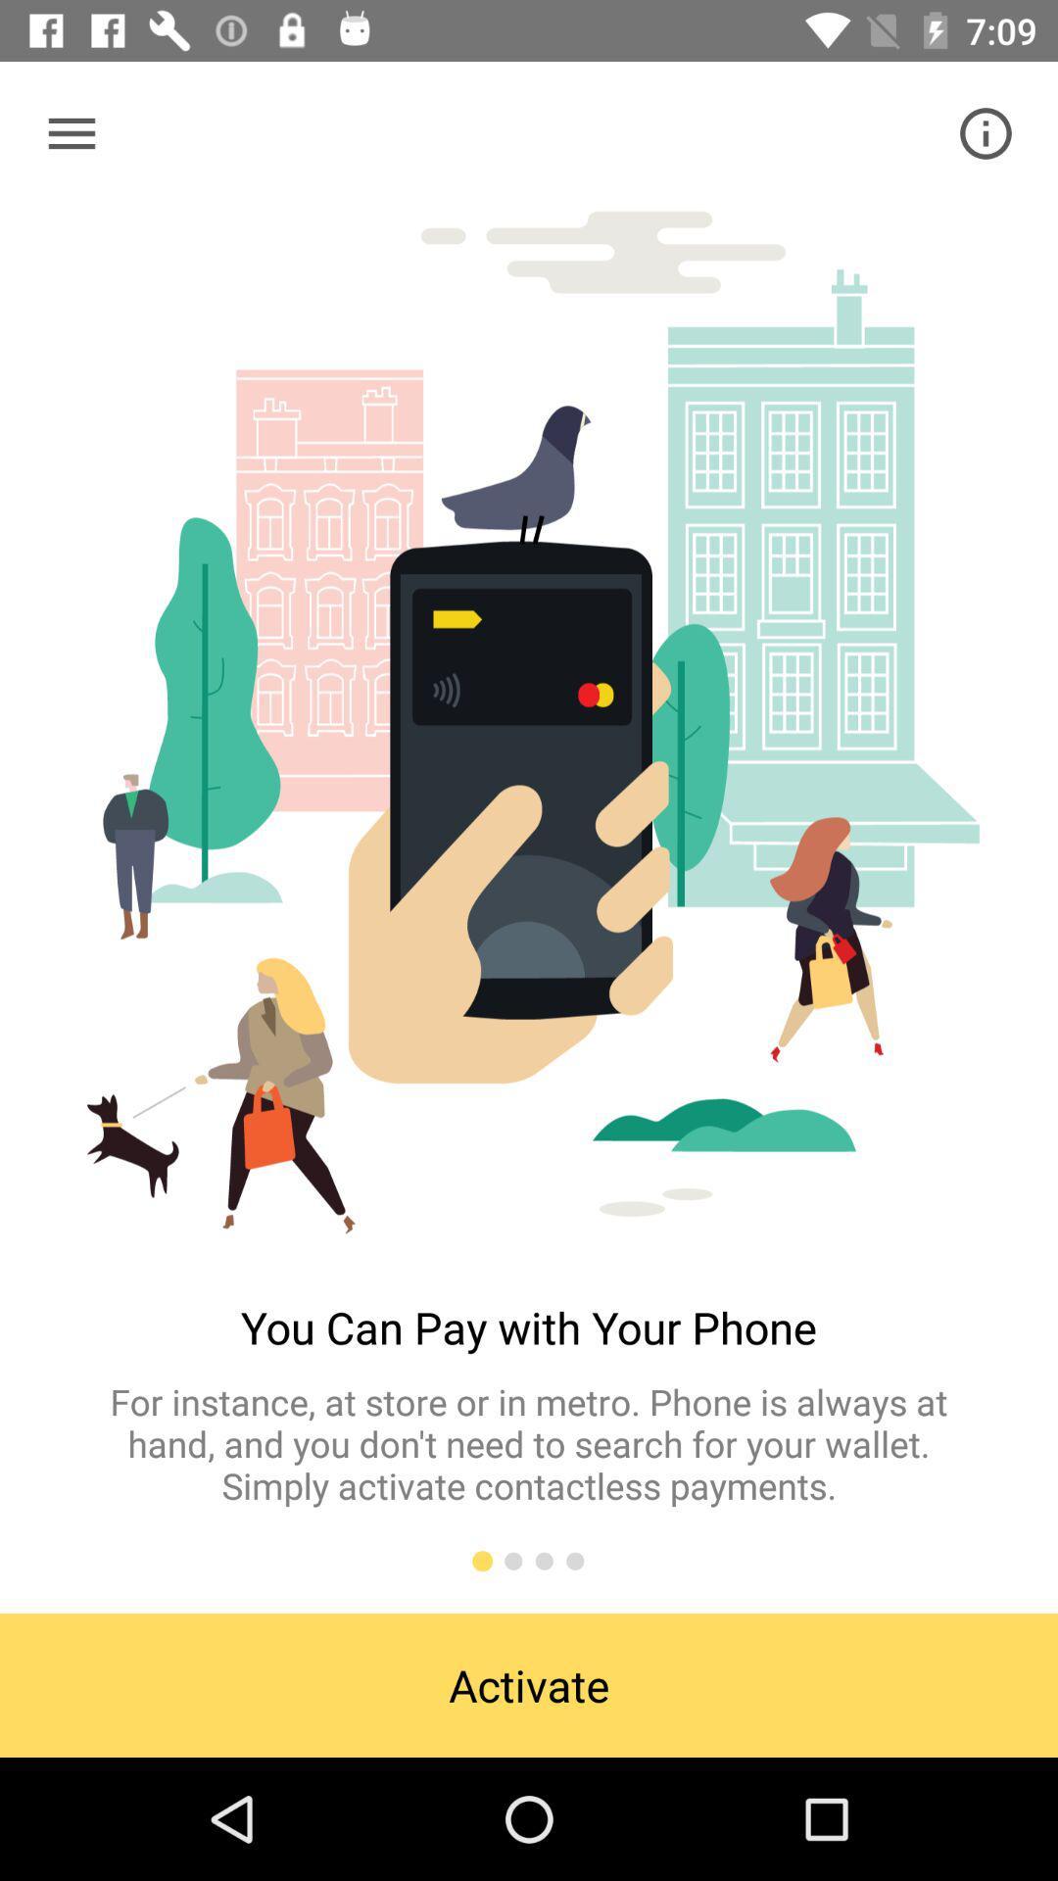 This screenshot has height=1881, width=1058. I want to click on item at the top right corner, so click(986, 132).